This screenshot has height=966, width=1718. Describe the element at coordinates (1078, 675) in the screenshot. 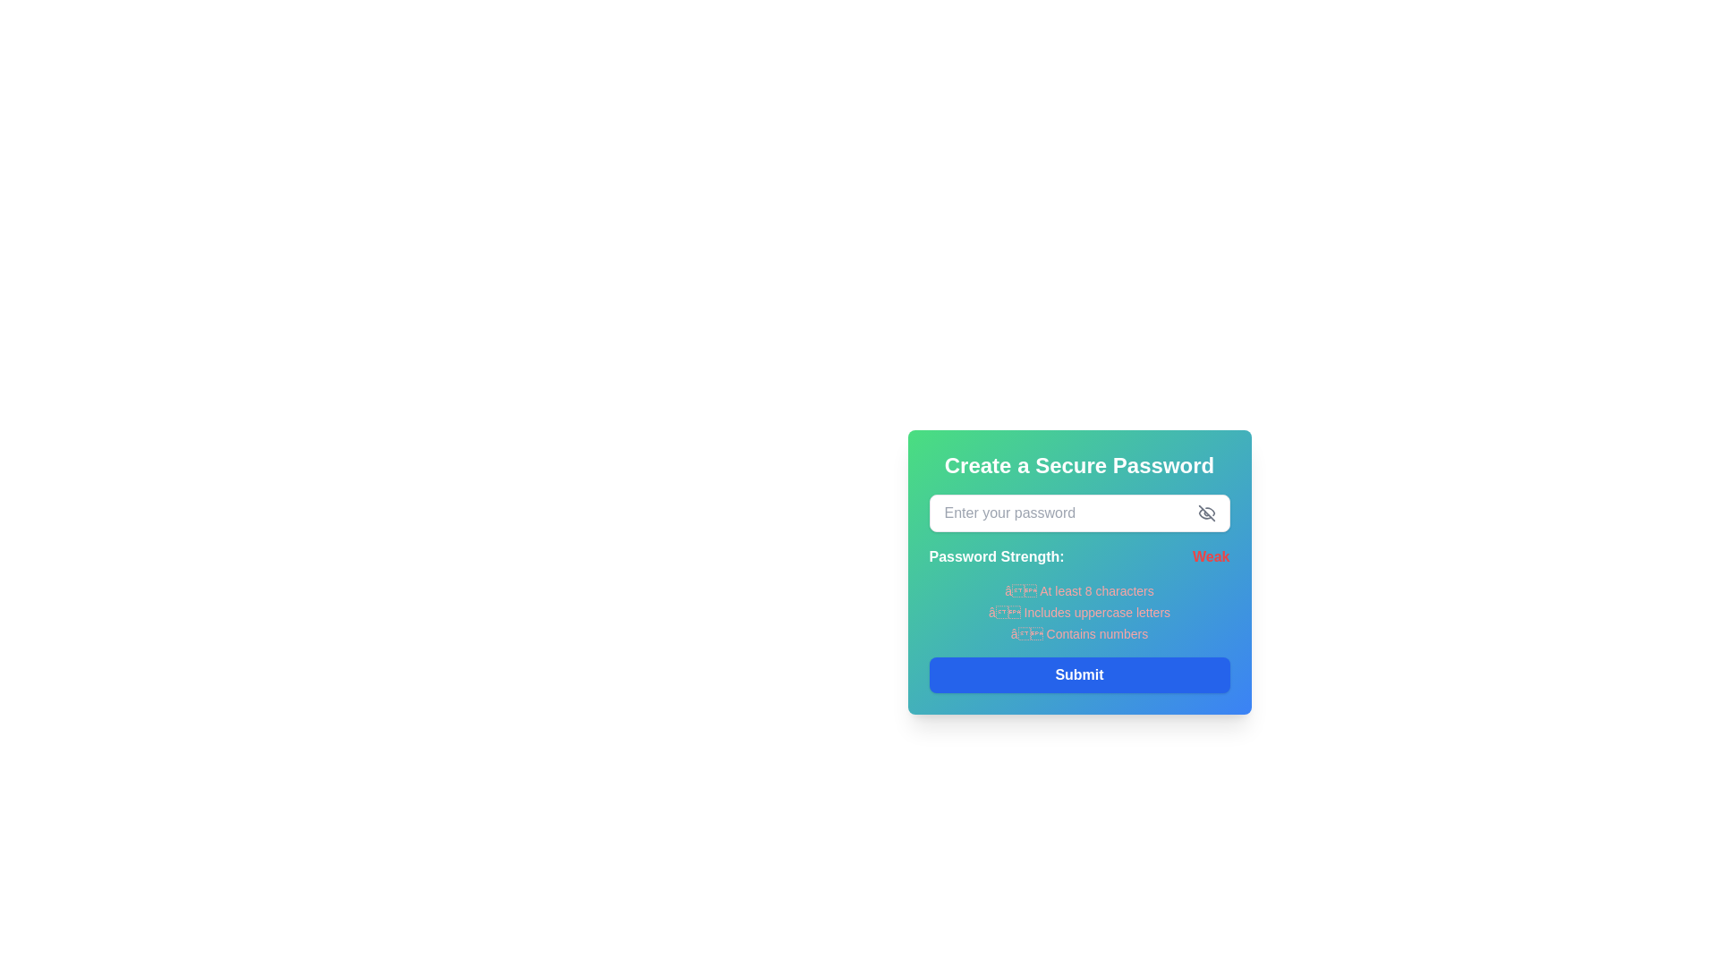

I see `the blue 'Submit' button with bold white text located at the bottom of the card-like interface` at that location.